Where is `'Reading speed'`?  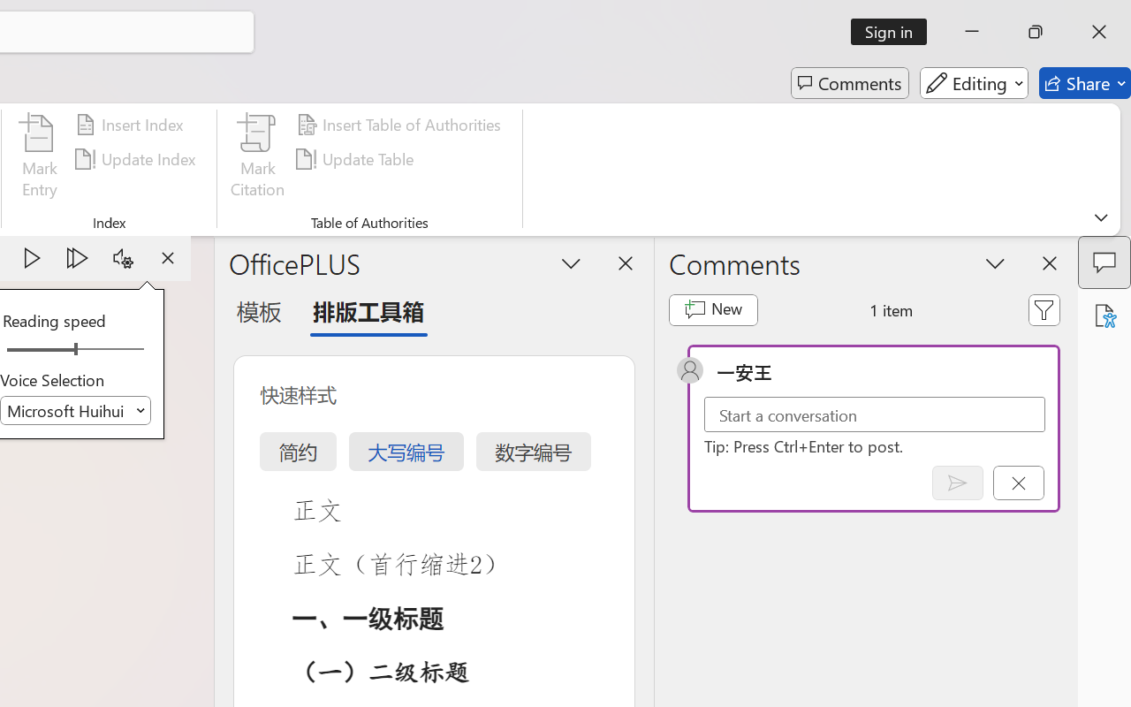
'Reading speed' is located at coordinates (74, 349).